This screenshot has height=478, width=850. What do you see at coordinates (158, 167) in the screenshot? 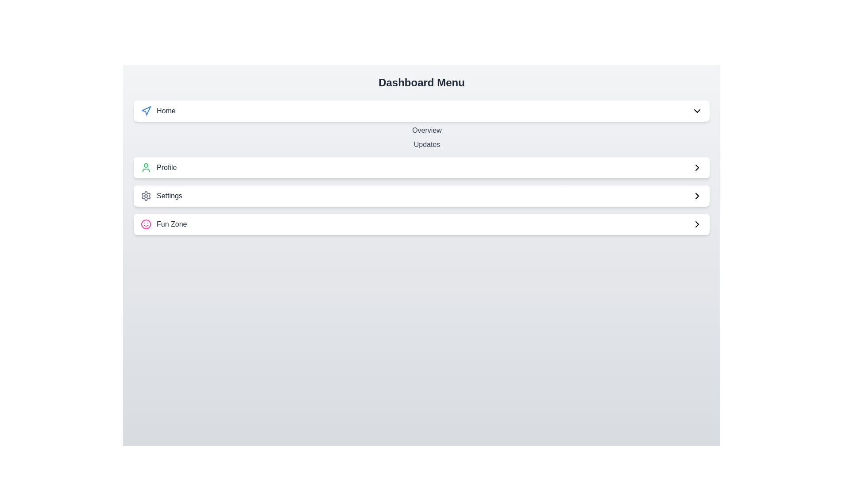
I see `the 'Profile' navigation option` at bounding box center [158, 167].